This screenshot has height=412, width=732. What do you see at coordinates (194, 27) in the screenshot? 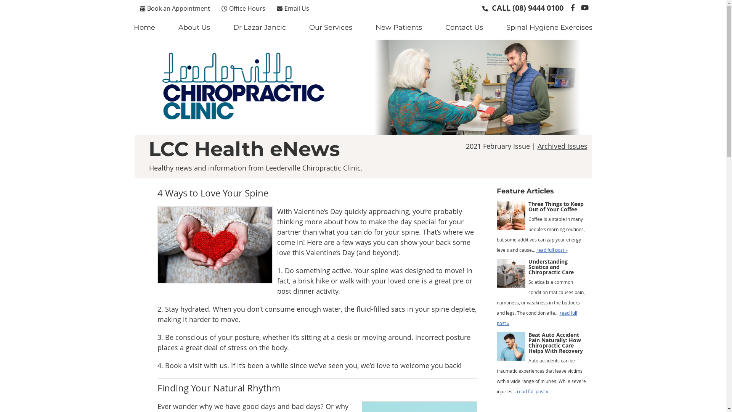
I see `'About Us'` at bounding box center [194, 27].